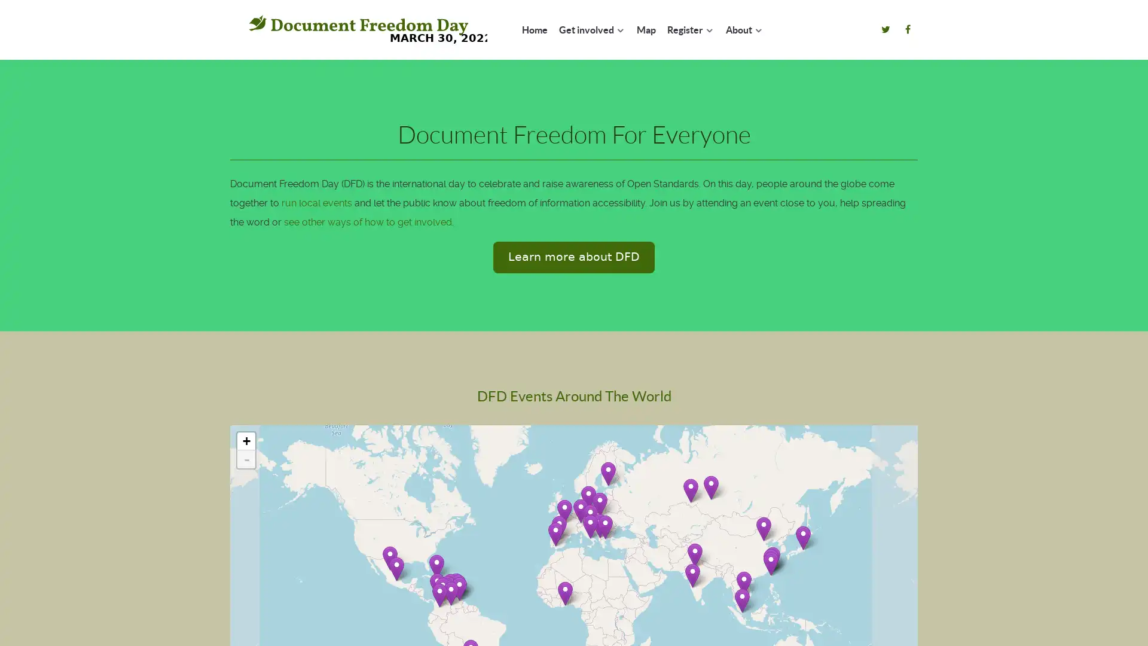 The height and width of the screenshot is (646, 1148). What do you see at coordinates (246, 458) in the screenshot?
I see `Zoom out` at bounding box center [246, 458].